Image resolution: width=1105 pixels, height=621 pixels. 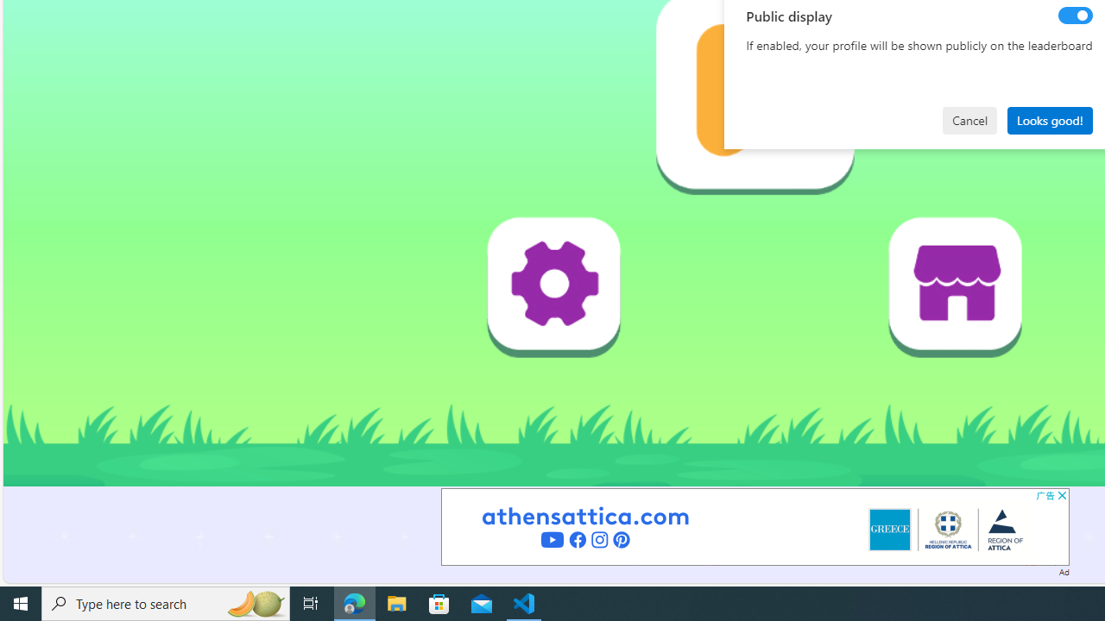 What do you see at coordinates (21, 602) in the screenshot?
I see `'Start'` at bounding box center [21, 602].